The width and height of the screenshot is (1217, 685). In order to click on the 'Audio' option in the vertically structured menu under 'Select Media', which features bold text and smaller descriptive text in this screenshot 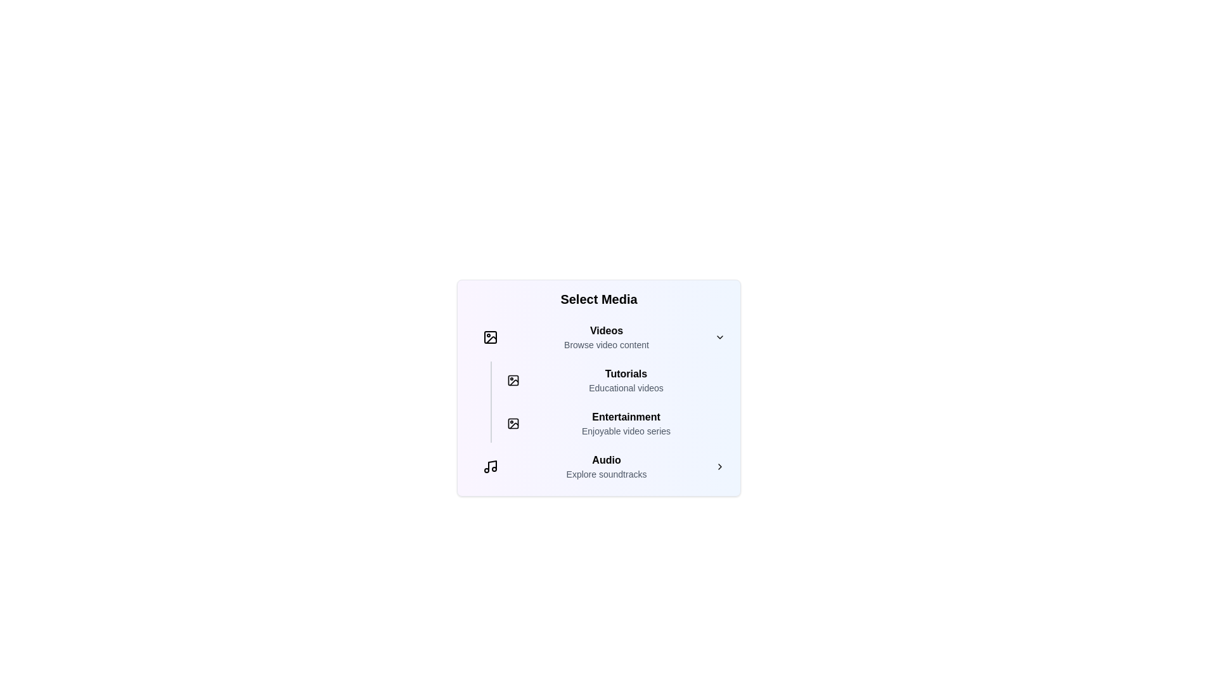, I will do `click(605, 467)`.